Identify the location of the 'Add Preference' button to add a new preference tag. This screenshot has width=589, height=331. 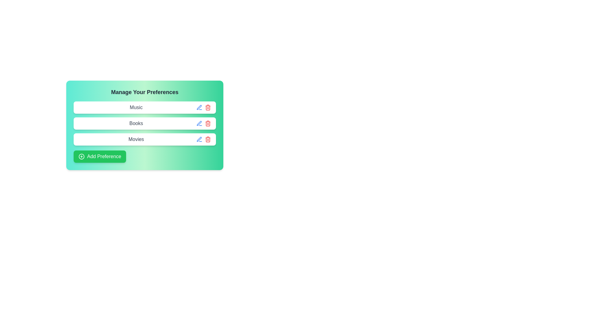
(100, 156).